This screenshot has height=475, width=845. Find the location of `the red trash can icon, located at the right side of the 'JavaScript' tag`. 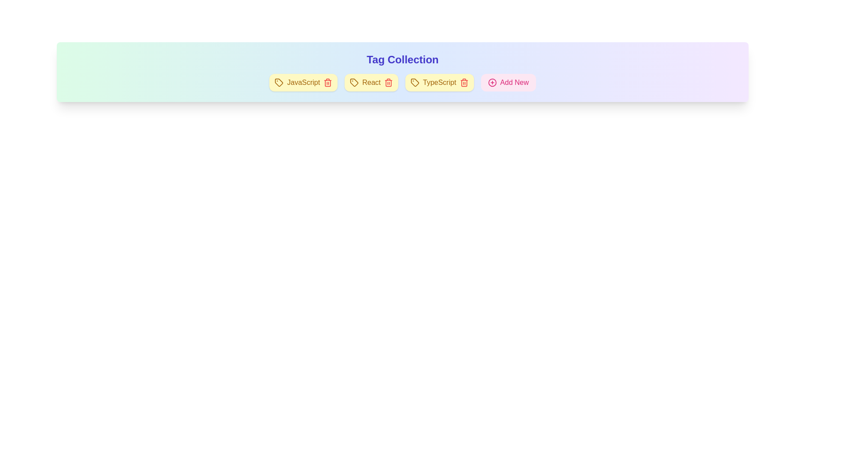

the red trash can icon, located at the right side of the 'JavaScript' tag is located at coordinates (327, 83).